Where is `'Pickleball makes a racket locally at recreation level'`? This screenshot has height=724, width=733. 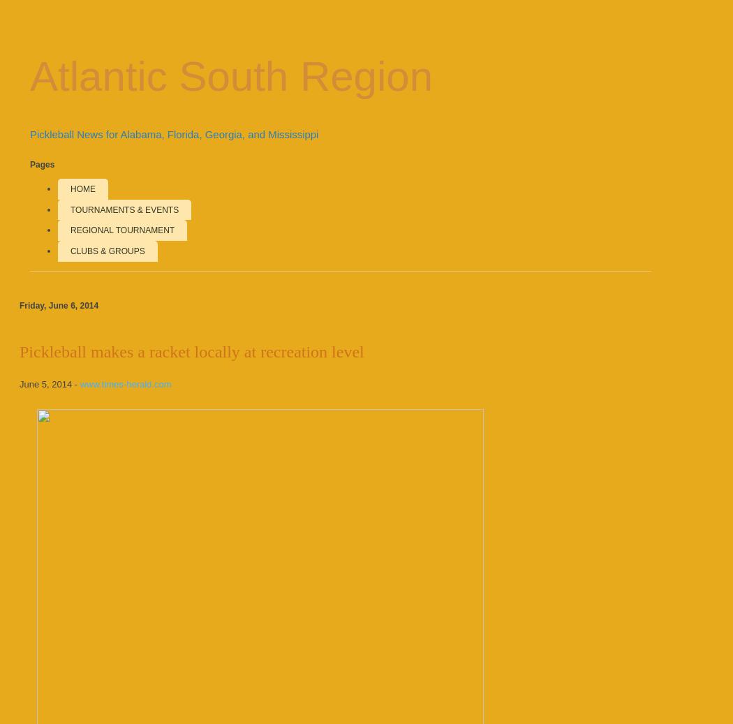 'Pickleball makes a racket locally at recreation level' is located at coordinates (191, 350).